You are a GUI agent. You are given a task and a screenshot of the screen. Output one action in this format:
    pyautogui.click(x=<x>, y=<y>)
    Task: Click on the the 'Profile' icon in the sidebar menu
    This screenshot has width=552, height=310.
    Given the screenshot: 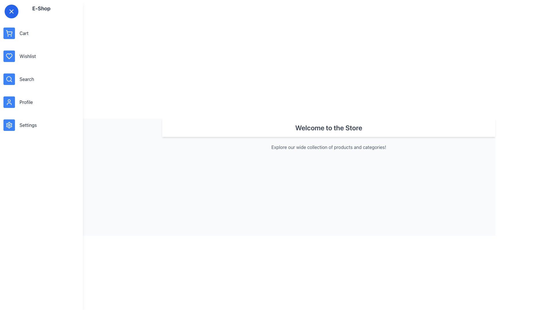 What is the action you would take?
    pyautogui.click(x=9, y=102)
    